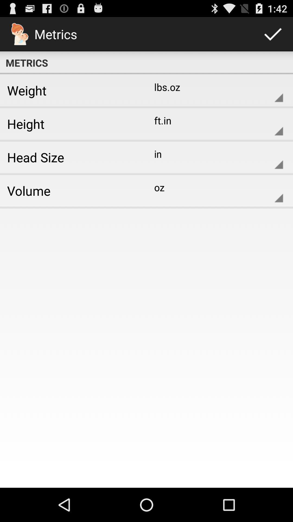 Image resolution: width=293 pixels, height=522 pixels. What do you see at coordinates (71, 157) in the screenshot?
I see `the head size icon` at bounding box center [71, 157].